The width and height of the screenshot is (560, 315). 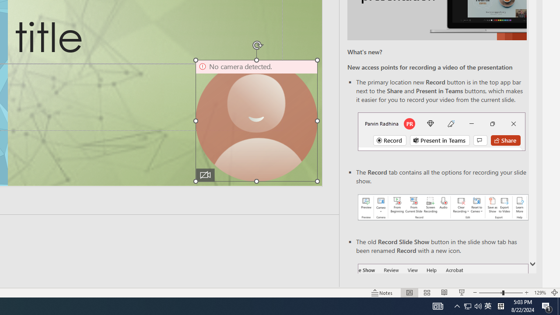 What do you see at coordinates (382, 293) in the screenshot?
I see `'Notes '` at bounding box center [382, 293].